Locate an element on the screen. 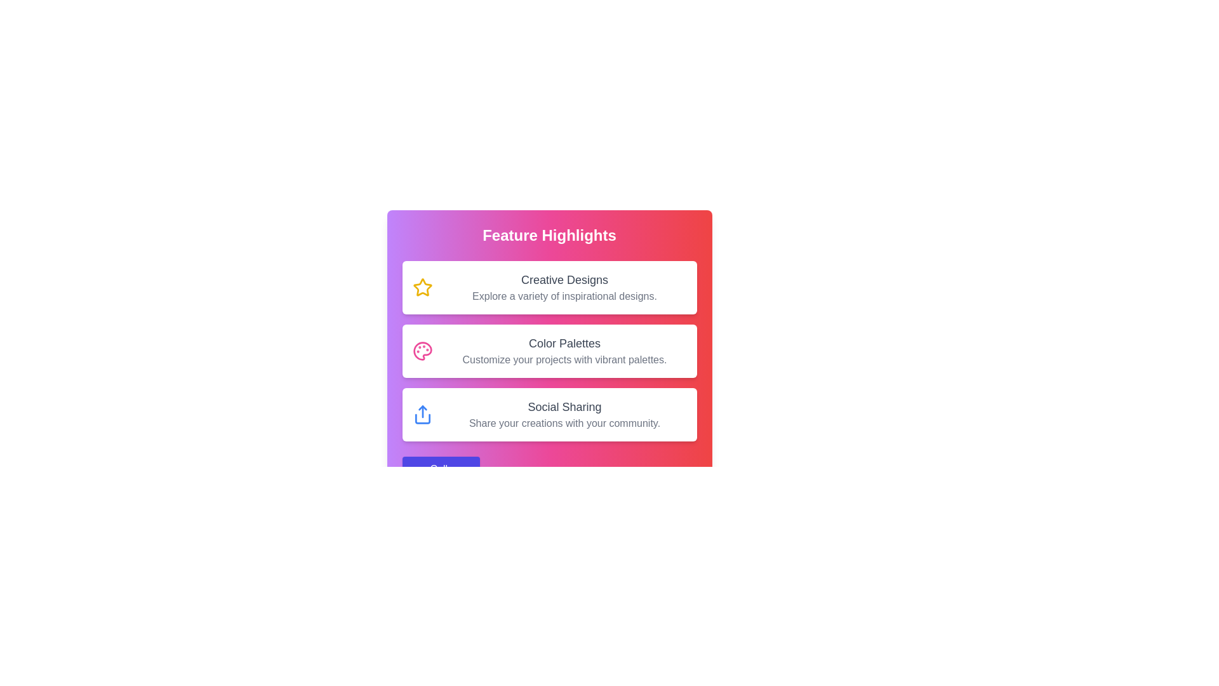  the 'Collapse' text element, which is displayed in white on a rounded rectangular purple button, located at the bottom of the interface, to the right of a chevron icon is located at coordinates (450, 469).